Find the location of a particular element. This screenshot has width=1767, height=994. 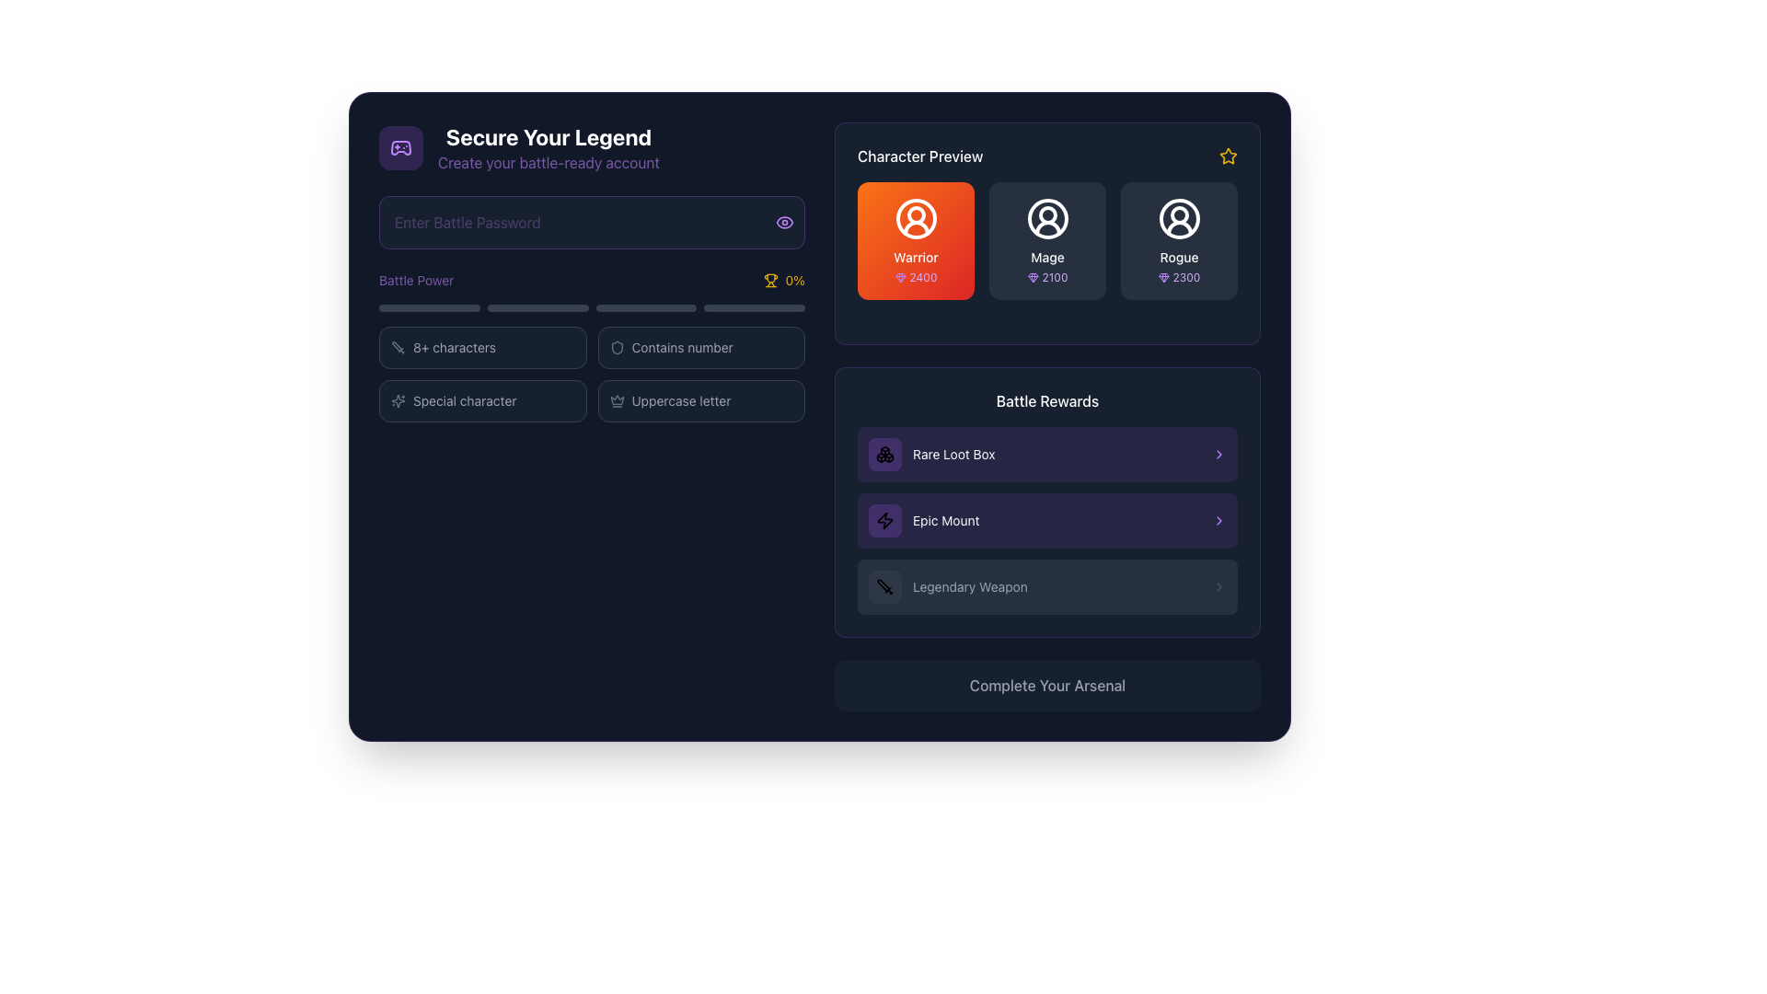

the lightning bolt icon located in the 'Battle Rewards' section, which is centrally positioned in a rounded rectangular box with a semi-transparent purple background is located at coordinates (884, 521).